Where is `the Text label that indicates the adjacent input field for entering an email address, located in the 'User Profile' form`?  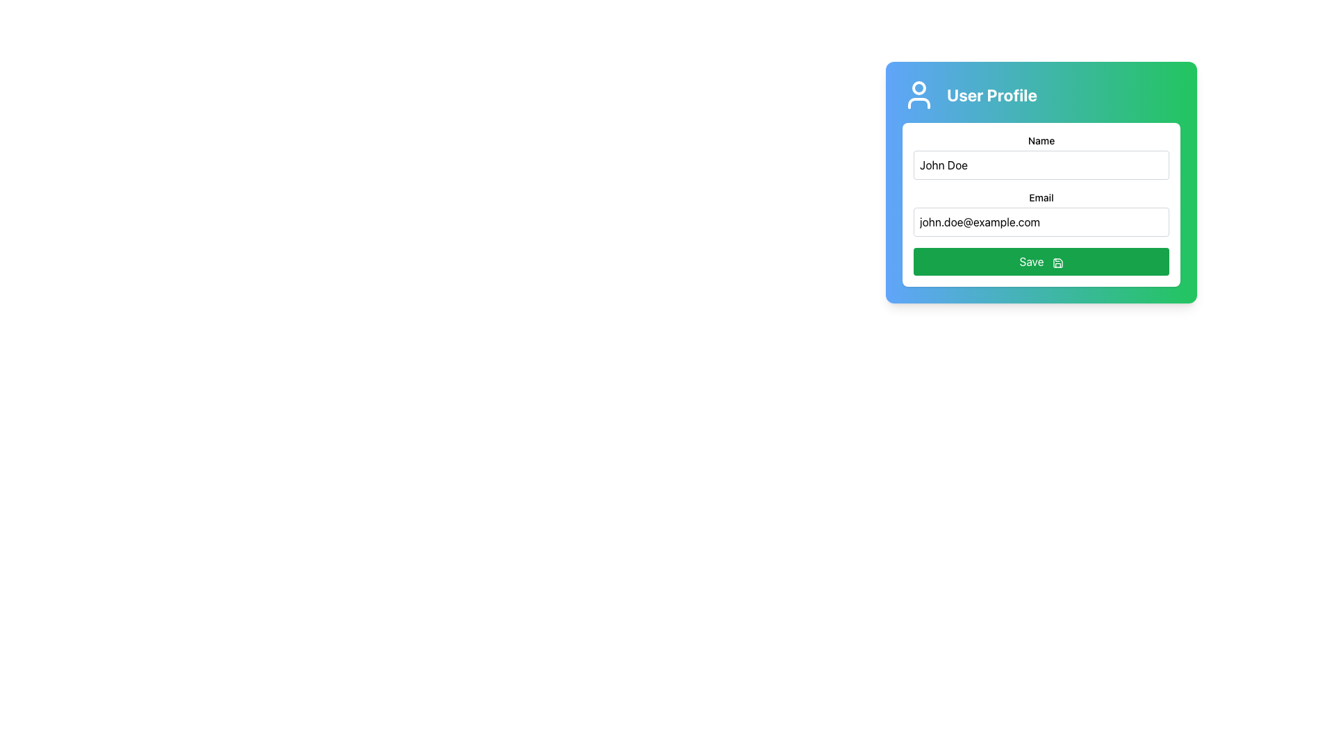
the Text label that indicates the adjacent input field for entering an email address, located in the 'User Profile' form is located at coordinates (1041, 198).